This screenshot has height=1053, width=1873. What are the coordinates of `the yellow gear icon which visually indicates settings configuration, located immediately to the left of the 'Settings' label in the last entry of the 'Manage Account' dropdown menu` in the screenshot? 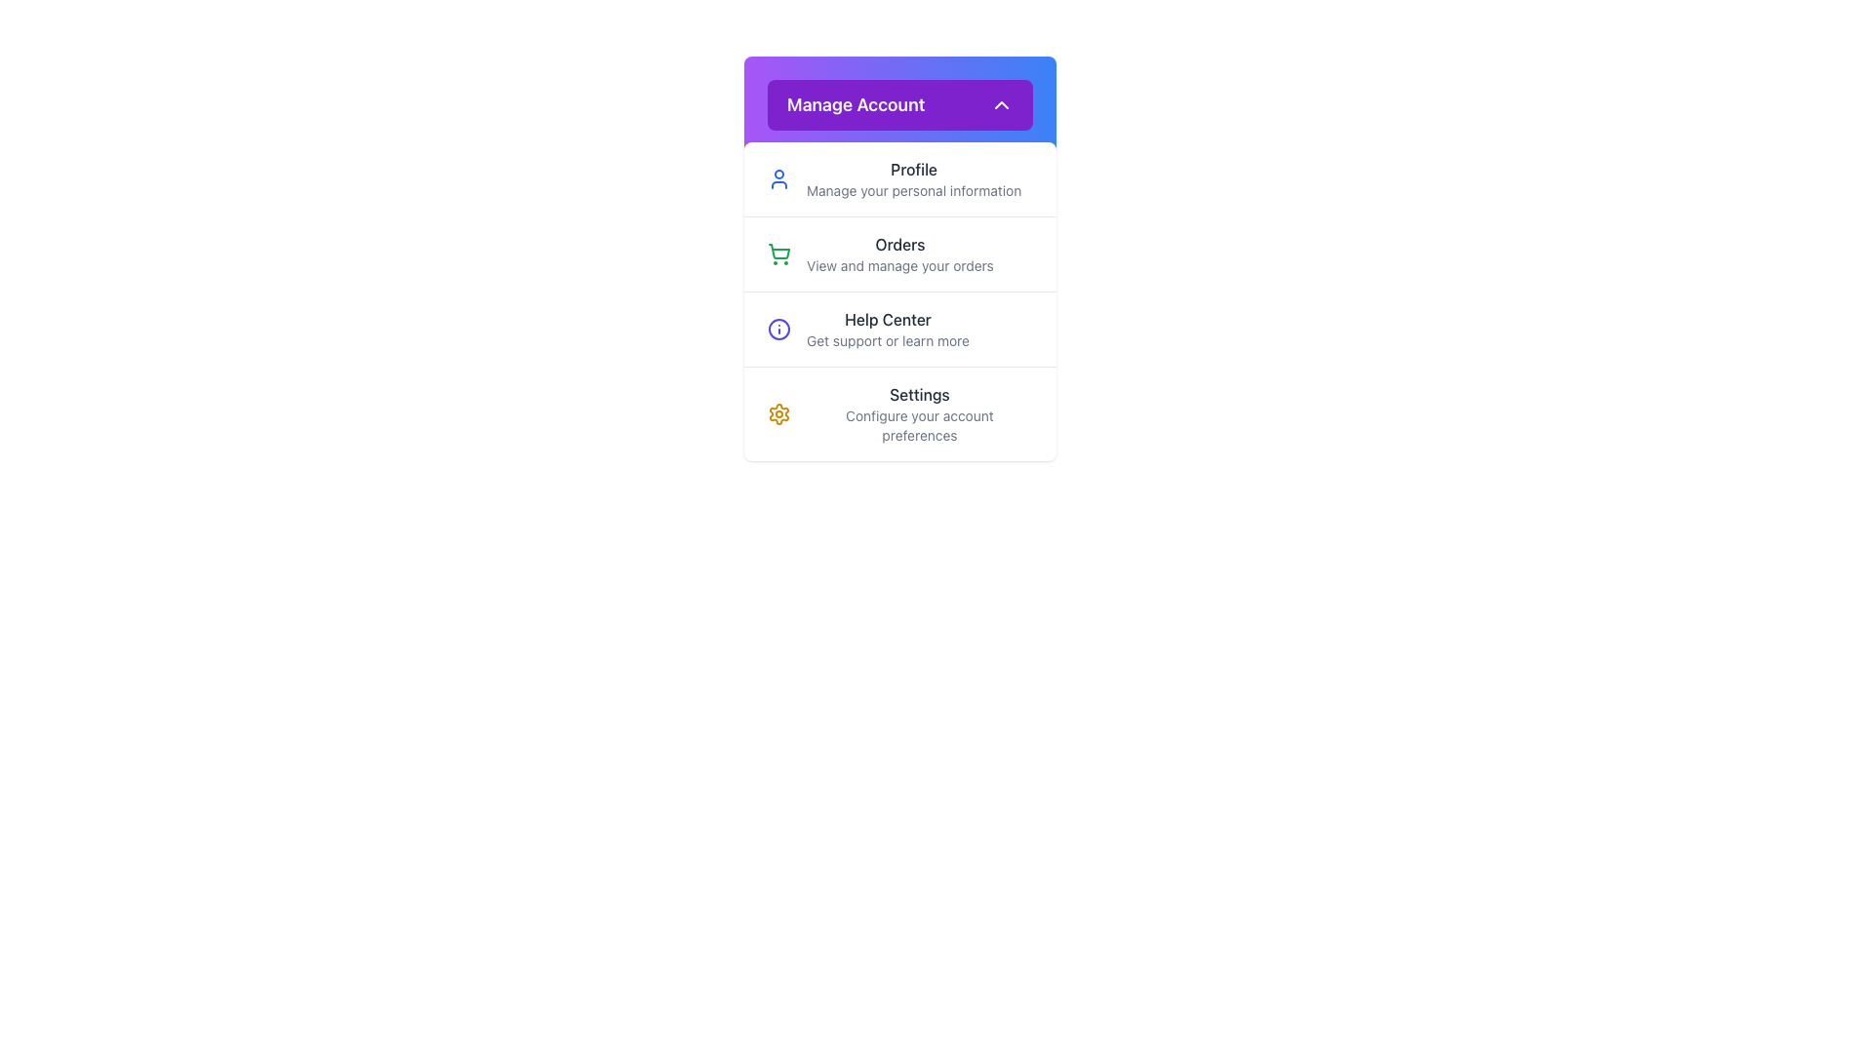 It's located at (777, 412).